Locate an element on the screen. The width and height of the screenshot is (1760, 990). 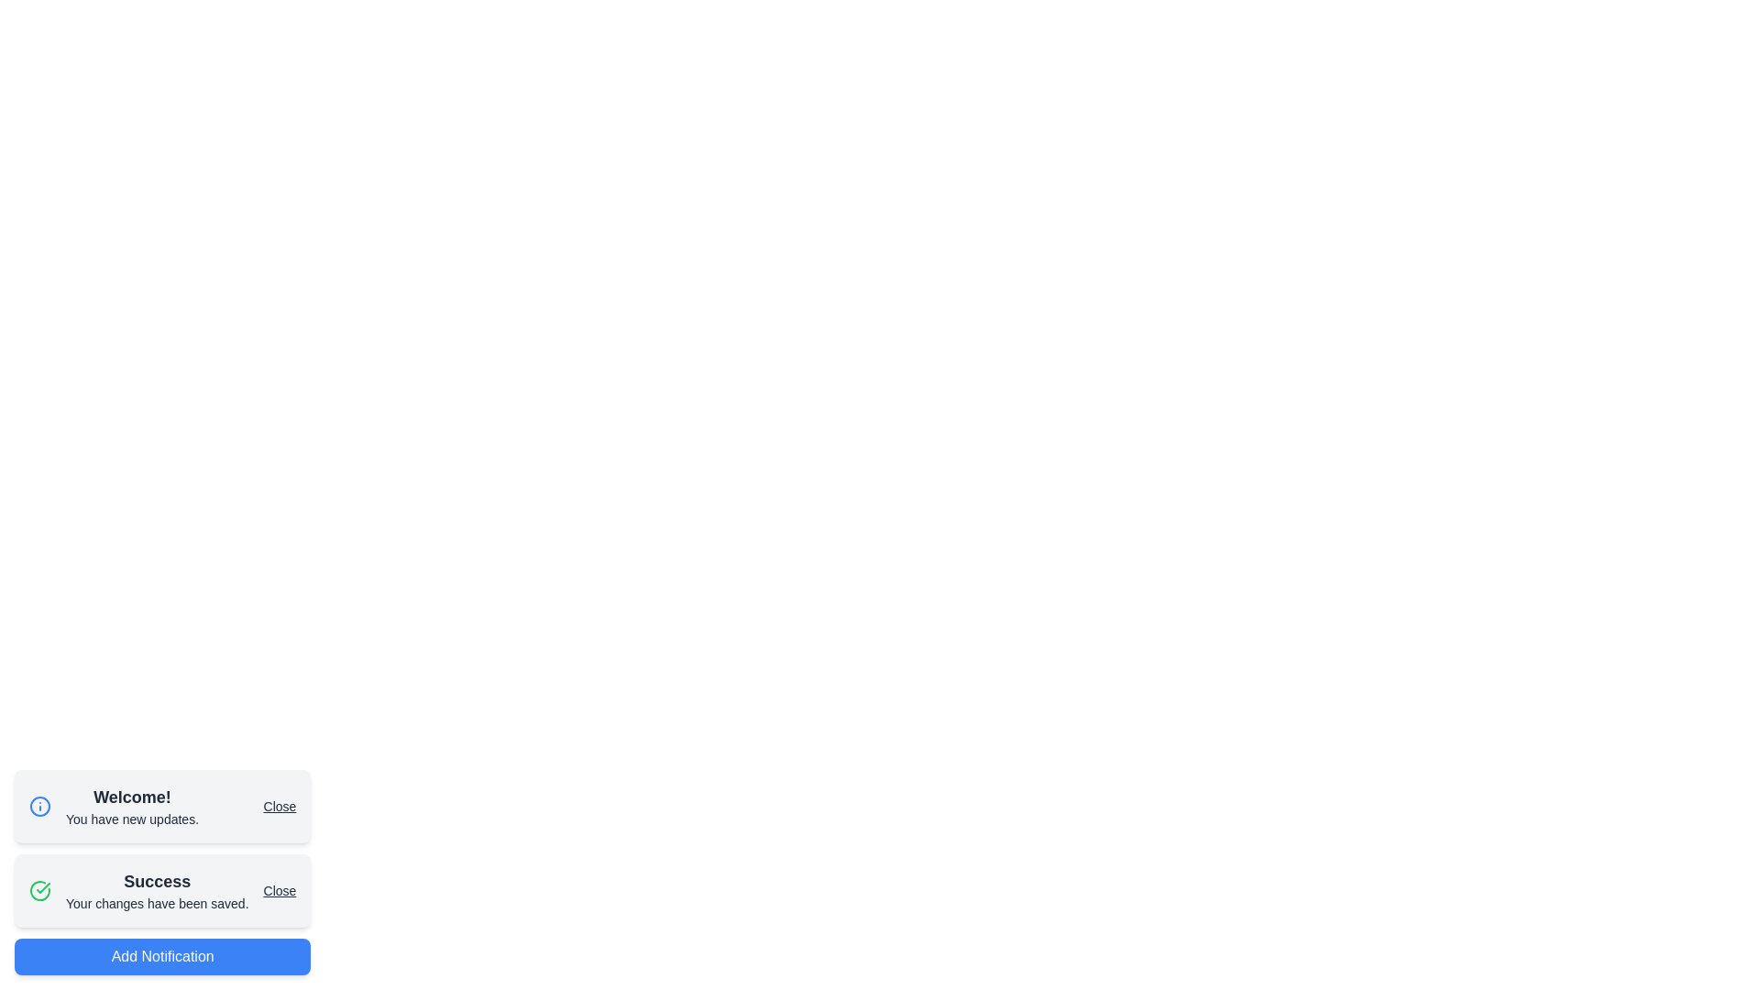
the central blue outlined circle of the 'info' icon located in the notification area, which is positioned to the left of the 'Welcome!' notification text is located at coordinates (39, 805).